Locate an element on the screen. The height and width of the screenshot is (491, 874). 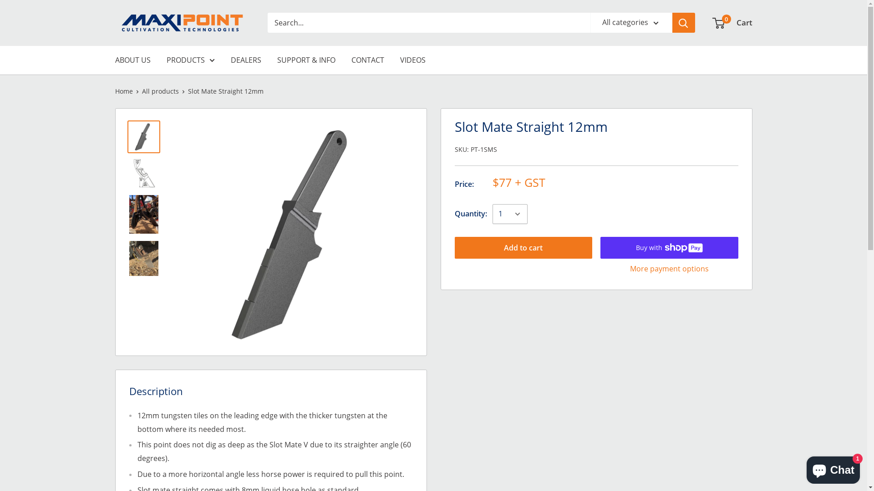
'CONTACT' is located at coordinates (367, 60).